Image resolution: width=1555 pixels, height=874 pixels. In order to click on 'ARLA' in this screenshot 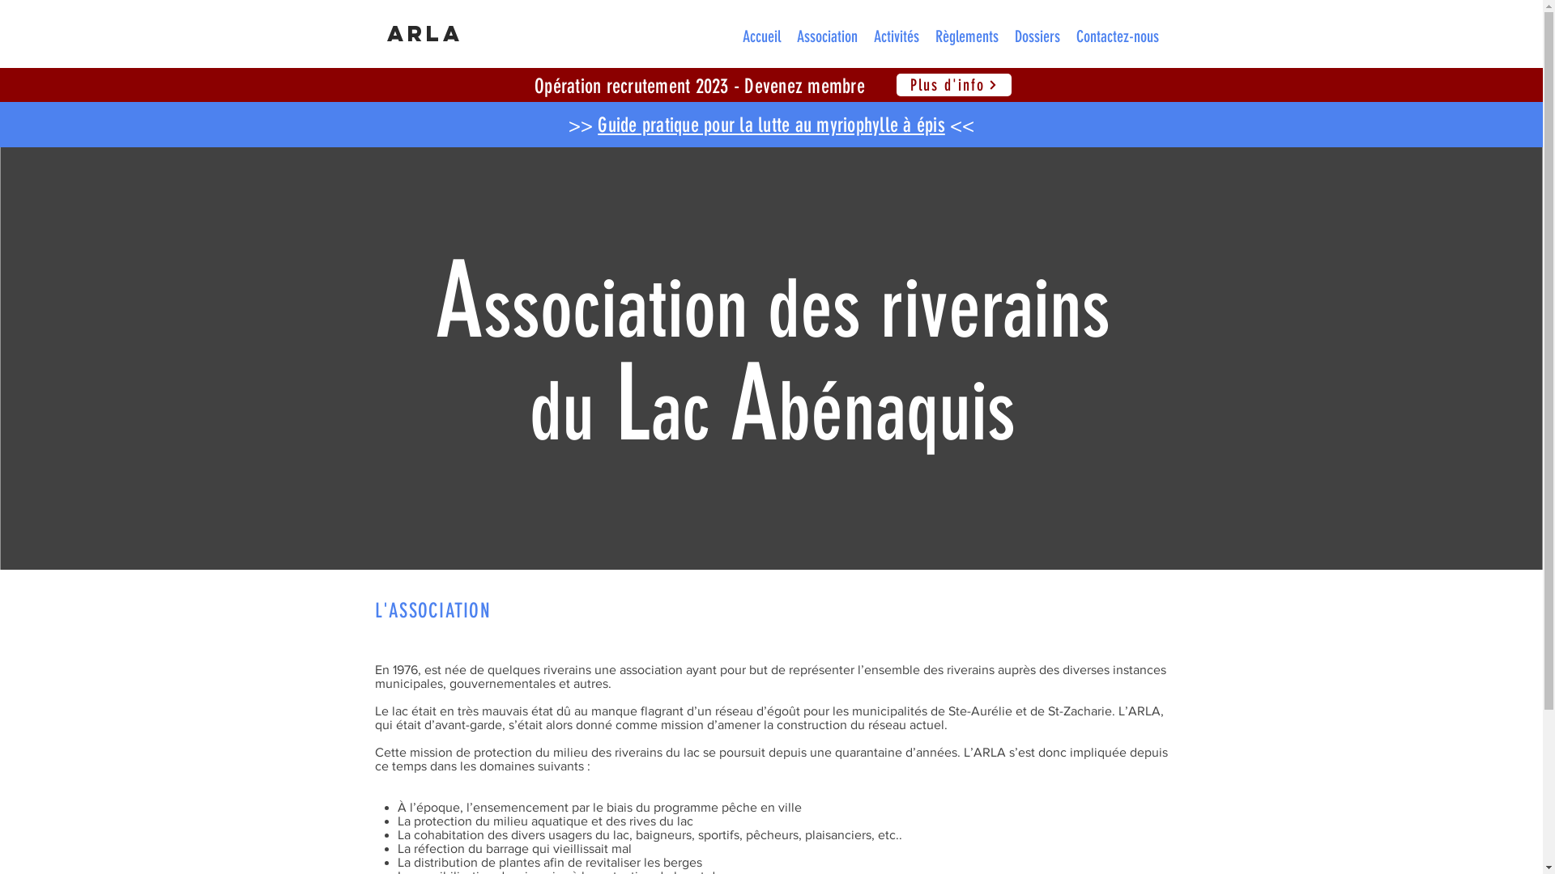, I will do `click(424, 34)`.